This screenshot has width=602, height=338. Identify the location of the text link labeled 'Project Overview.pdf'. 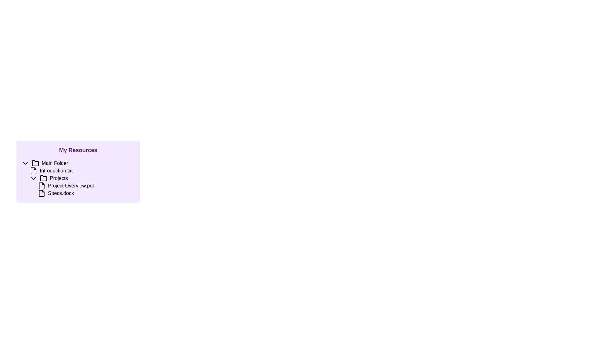
(86, 186).